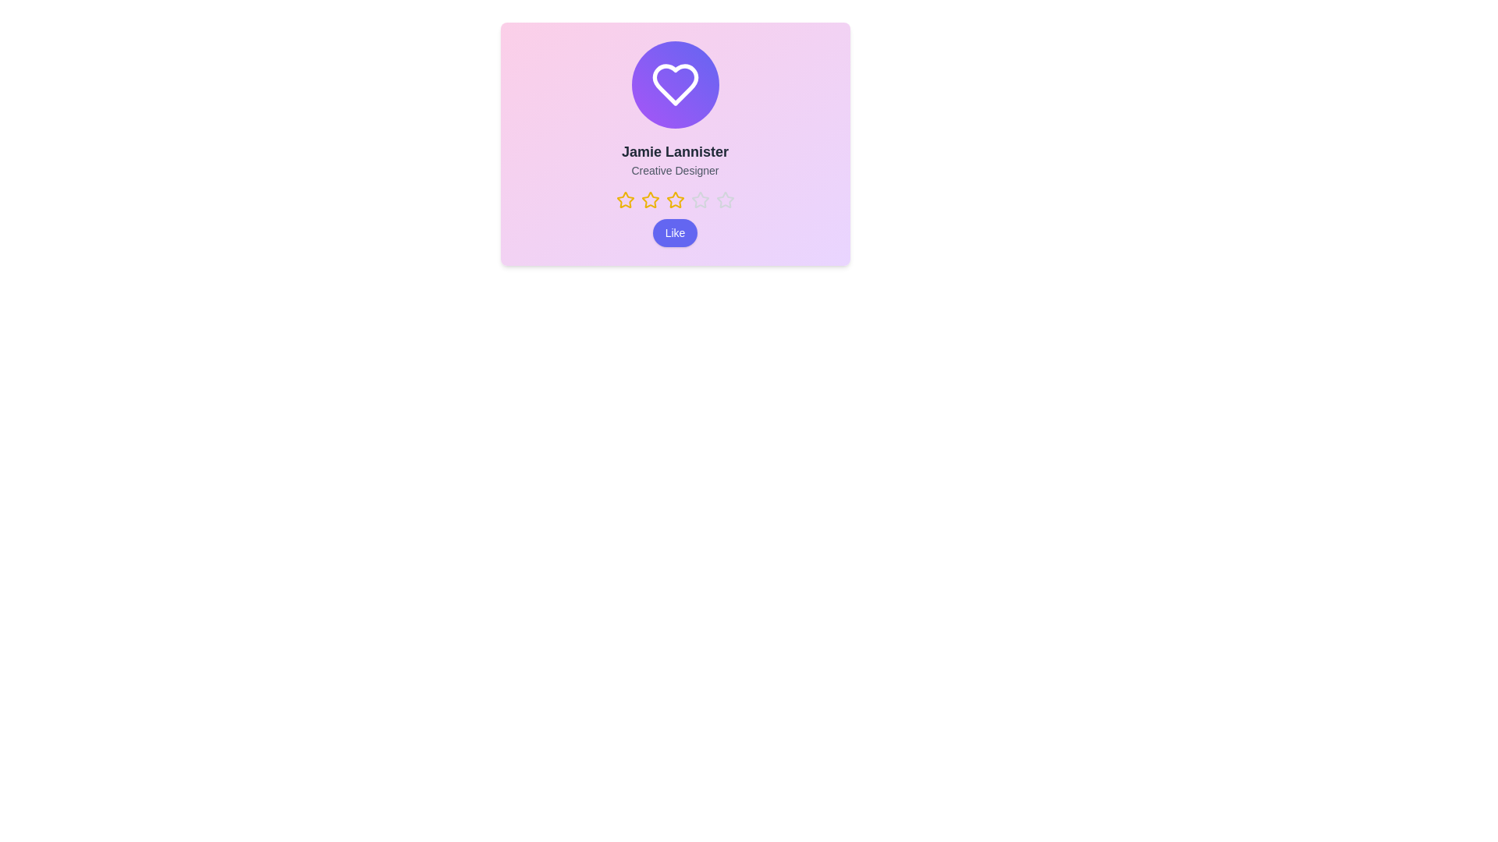  I want to click on rating information from the Rating indicator with an interactive button, which shows a rating of three out of five and a 'Like' button below it, so click(675, 219).